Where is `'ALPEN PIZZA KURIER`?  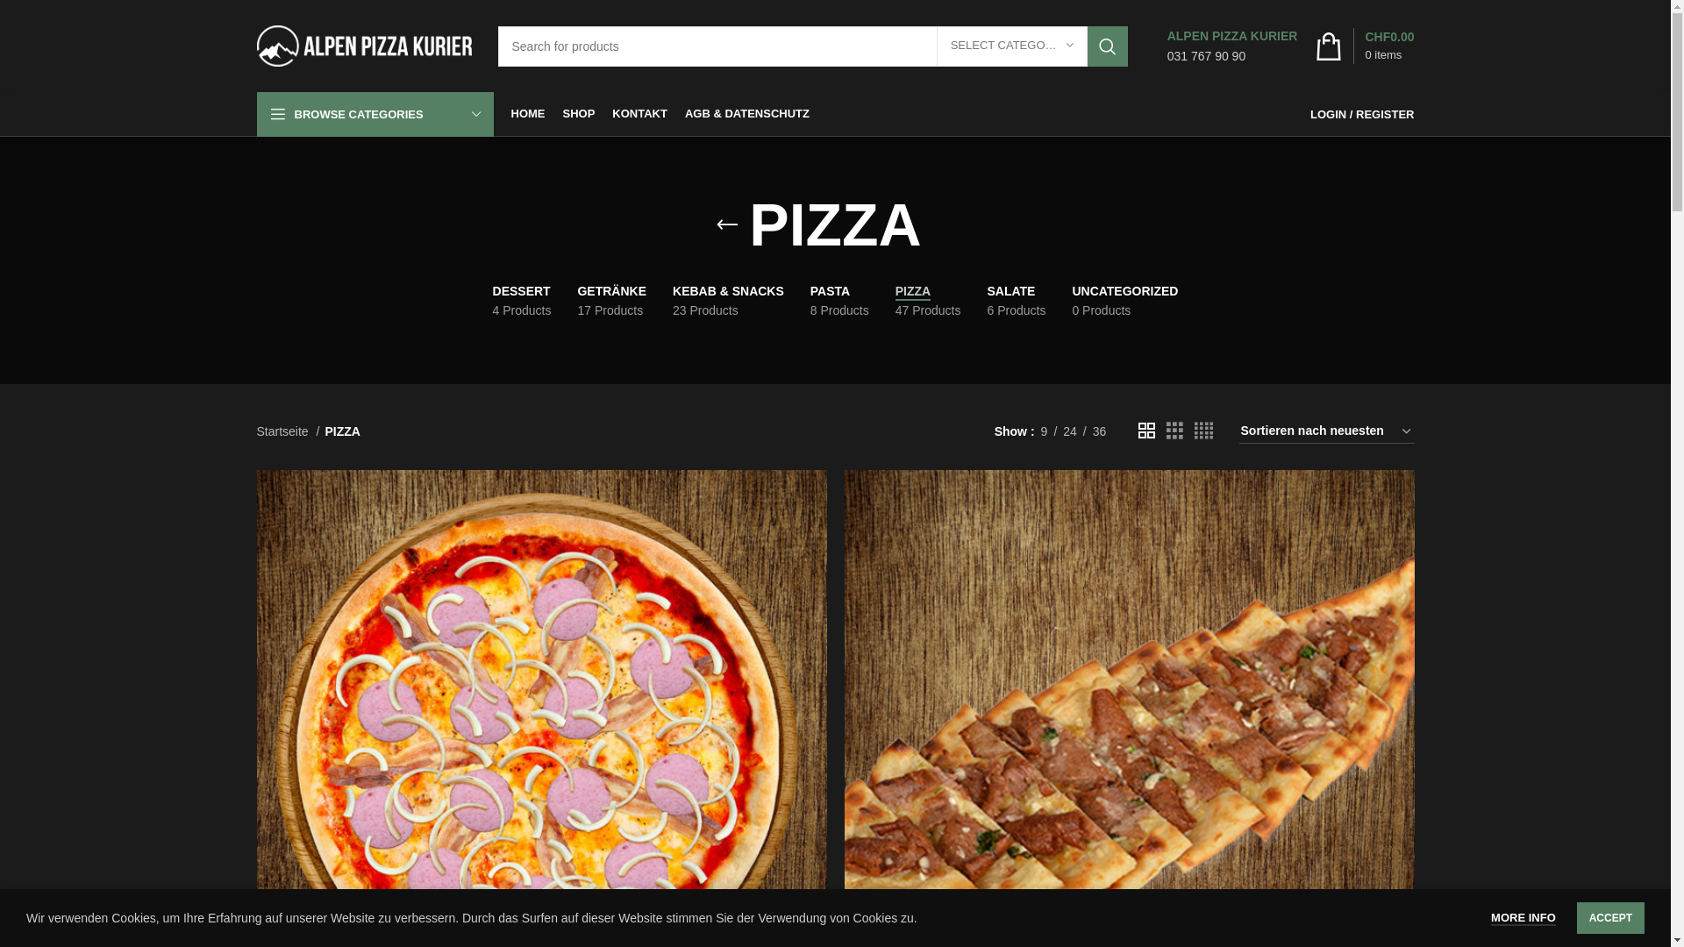 'ALPEN PIZZA KURIER is located at coordinates (1167, 45).